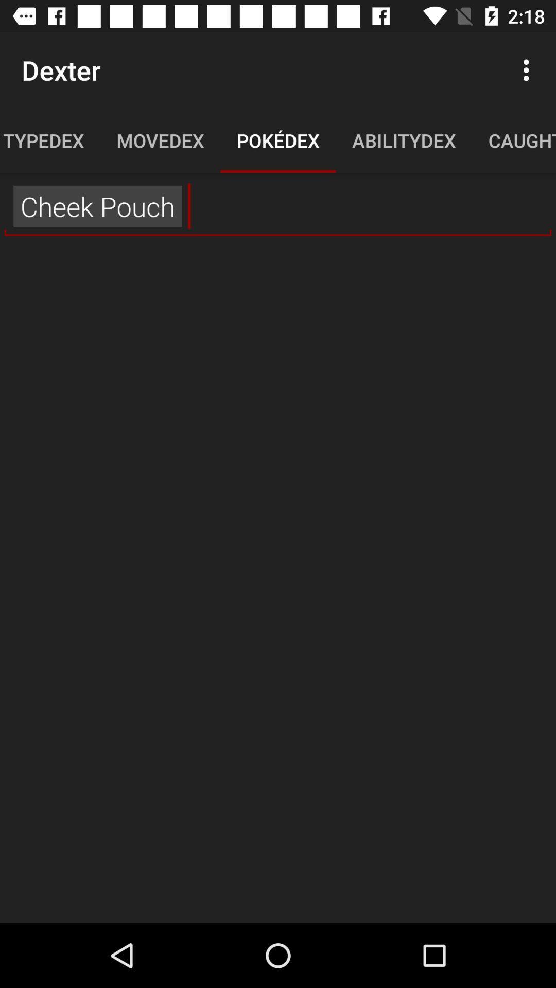 The height and width of the screenshot is (988, 556). What do you see at coordinates (278, 206) in the screenshot?
I see `the ,,` at bounding box center [278, 206].